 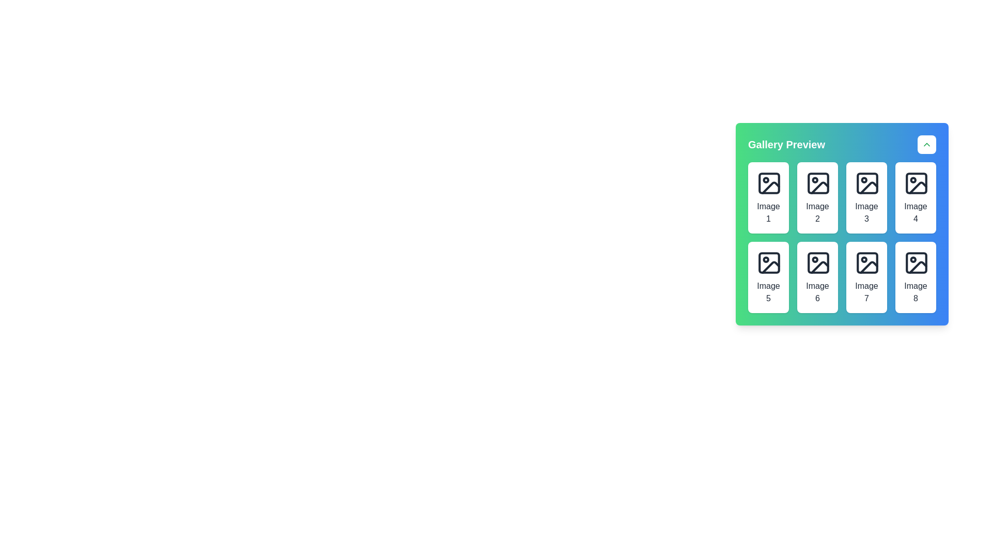 I want to click on the Image placeholder icon labeled 'Image 7' in the Gallery Preview section, so click(x=867, y=262).